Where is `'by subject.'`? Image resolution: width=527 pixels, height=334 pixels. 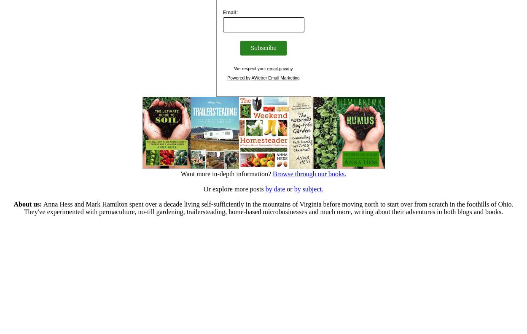 'by subject.' is located at coordinates (308, 188).